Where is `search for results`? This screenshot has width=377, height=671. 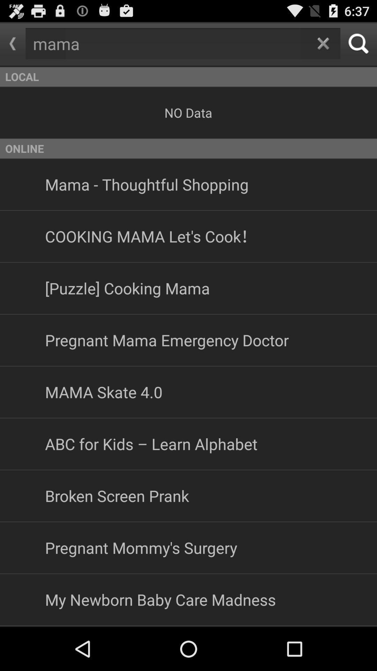 search for results is located at coordinates (358, 43).